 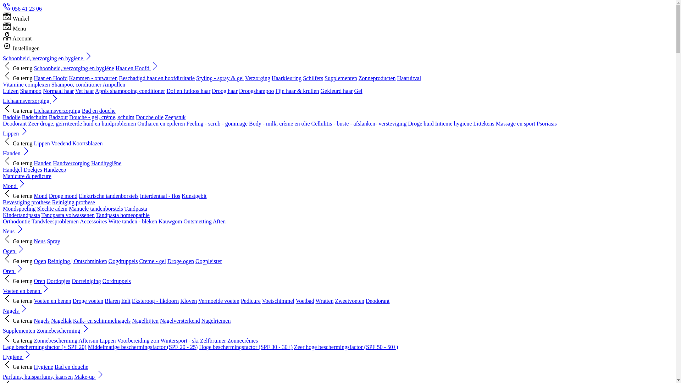 I want to click on 'Blaren', so click(x=112, y=301).